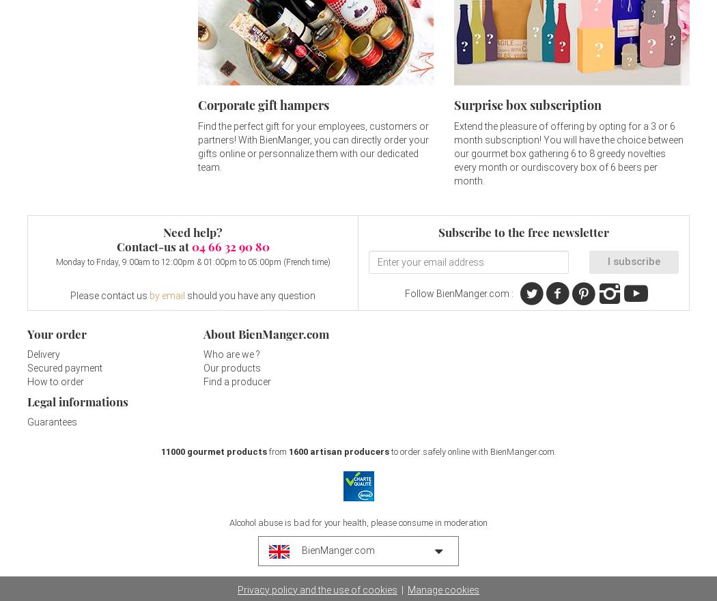  What do you see at coordinates (163, 232) in the screenshot?
I see `'Need help?'` at bounding box center [163, 232].